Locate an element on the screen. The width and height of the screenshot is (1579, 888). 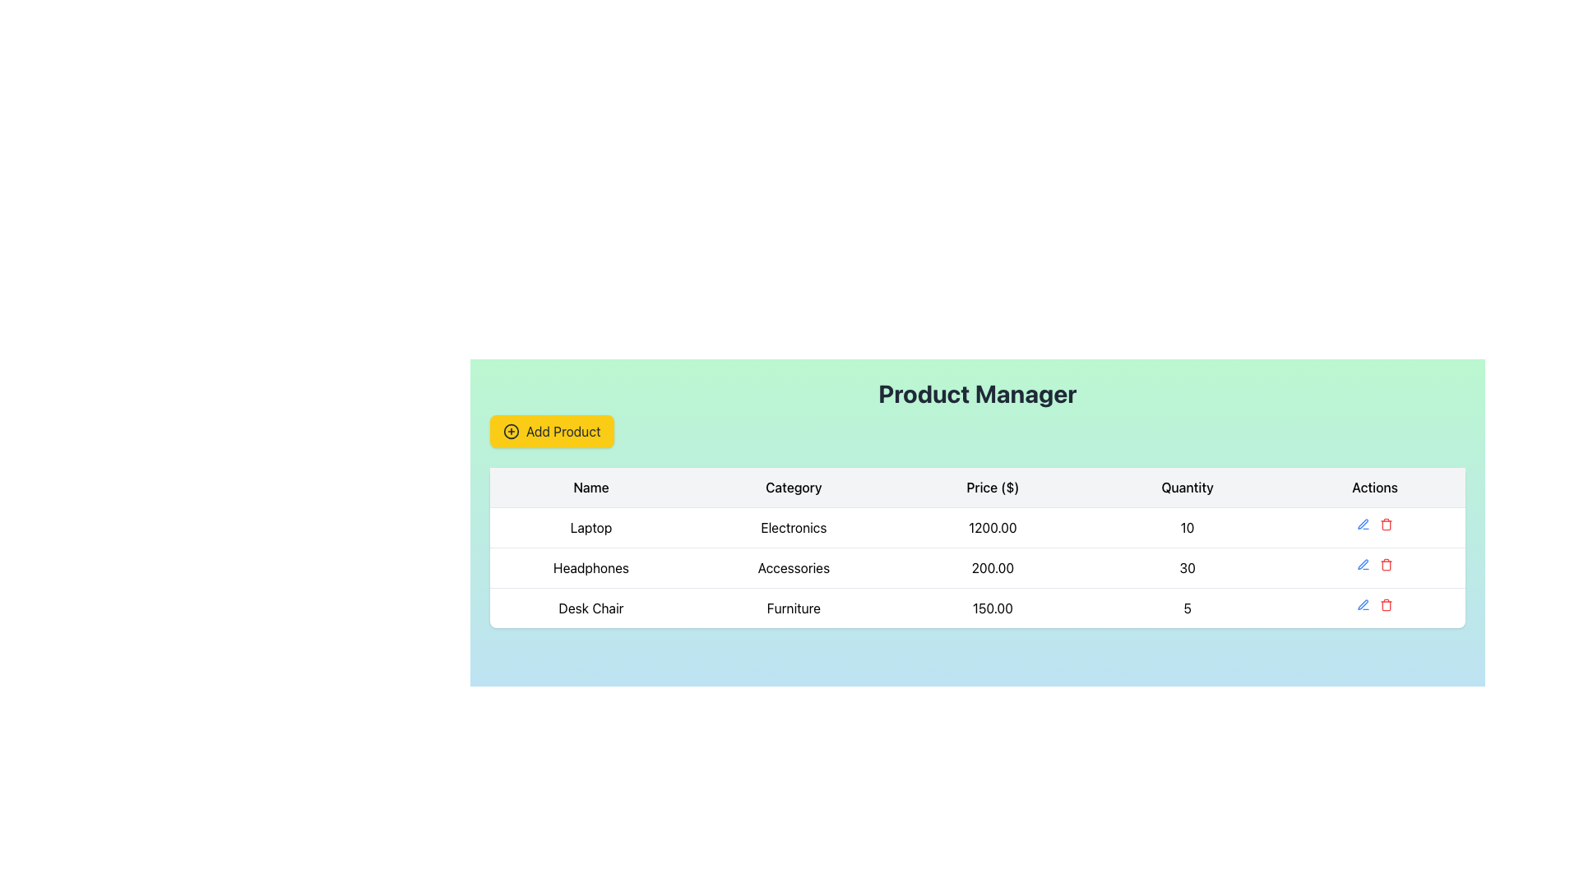
vertical rectangle with rounded edges that is part of the trash bin icon in the 'Actions' column of the table for the product 'Desk Chair' using developer tools is located at coordinates (1386, 606).